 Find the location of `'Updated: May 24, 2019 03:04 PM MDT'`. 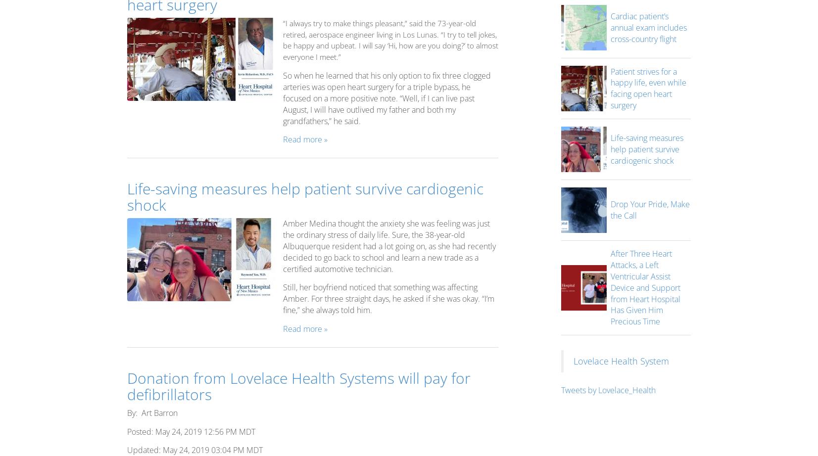

'Updated: May 24, 2019 03:04 PM MDT' is located at coordinates (126, 450).